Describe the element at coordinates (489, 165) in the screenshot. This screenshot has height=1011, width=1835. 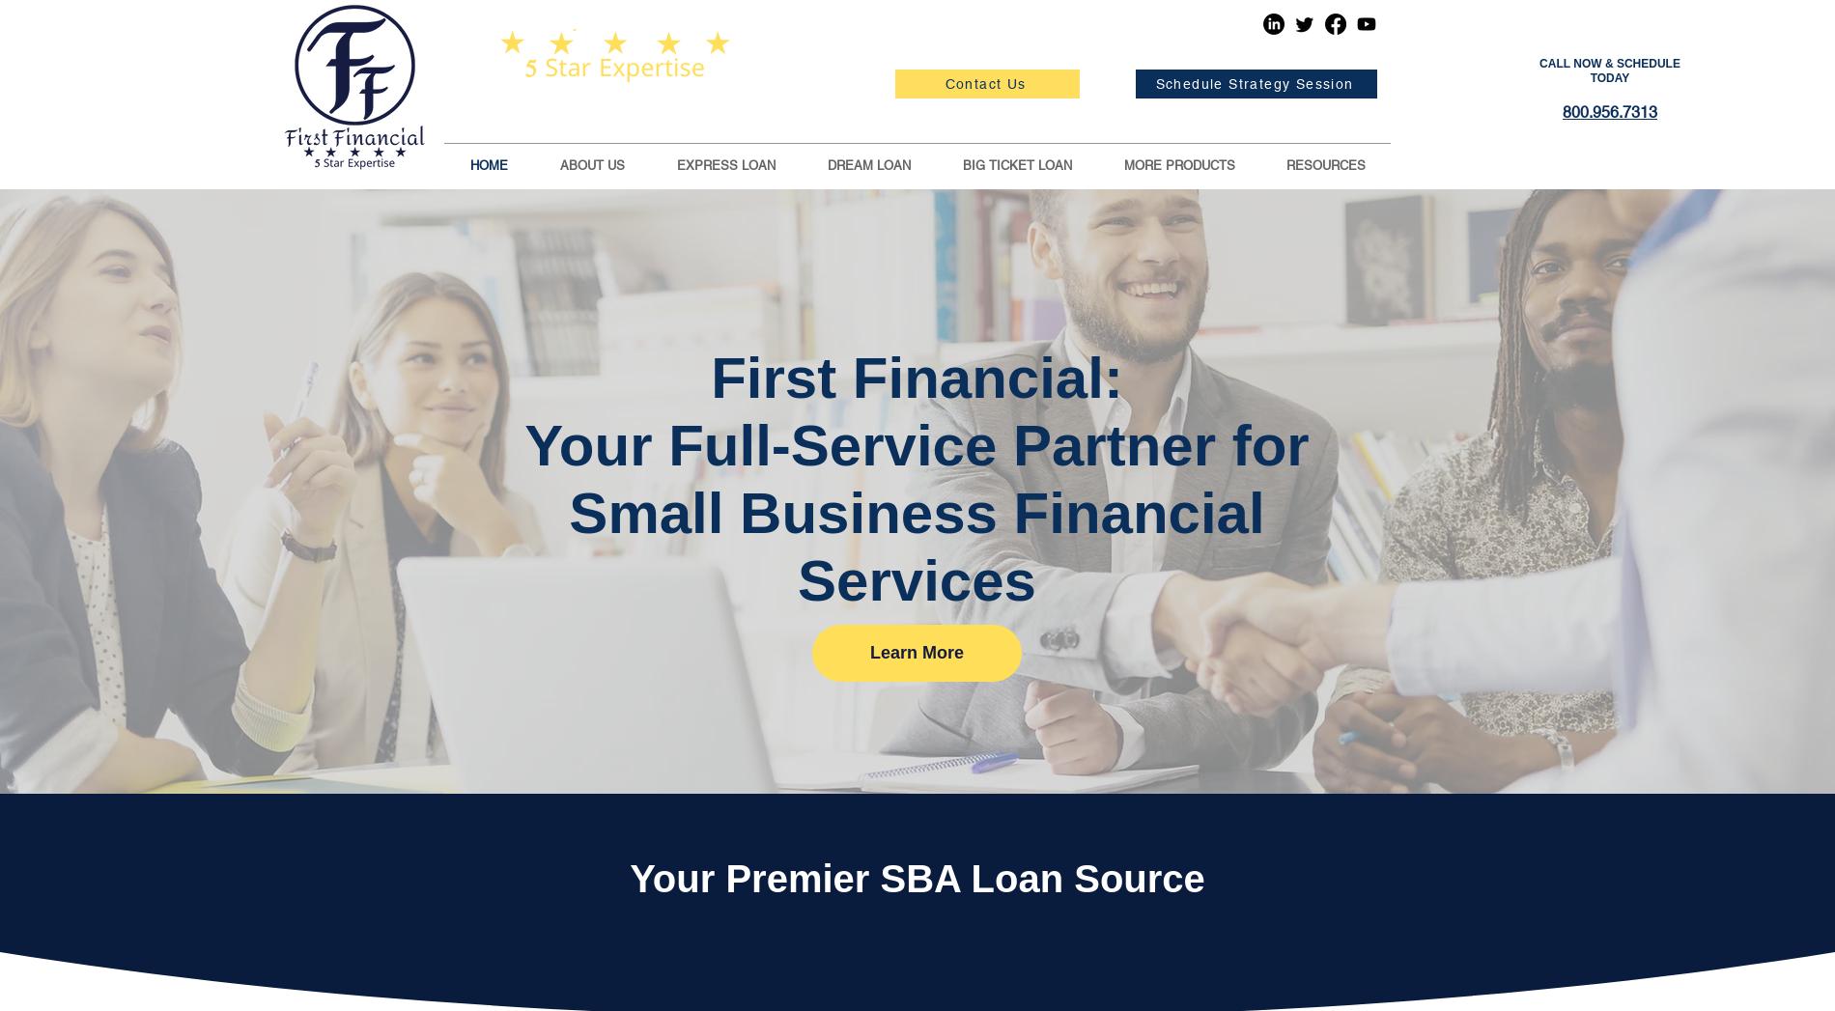
I see `'HOME'` at that location.